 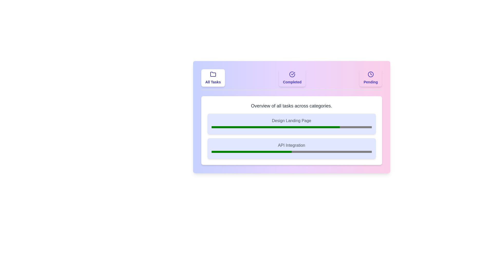 What do you see at coordinates (291, 136) in the screenshot?
I see `the task progress display component that shows the titles 'Design Landing Page' and 'API Integration' along with their respective progress bars` at bounding box center [291, 136].